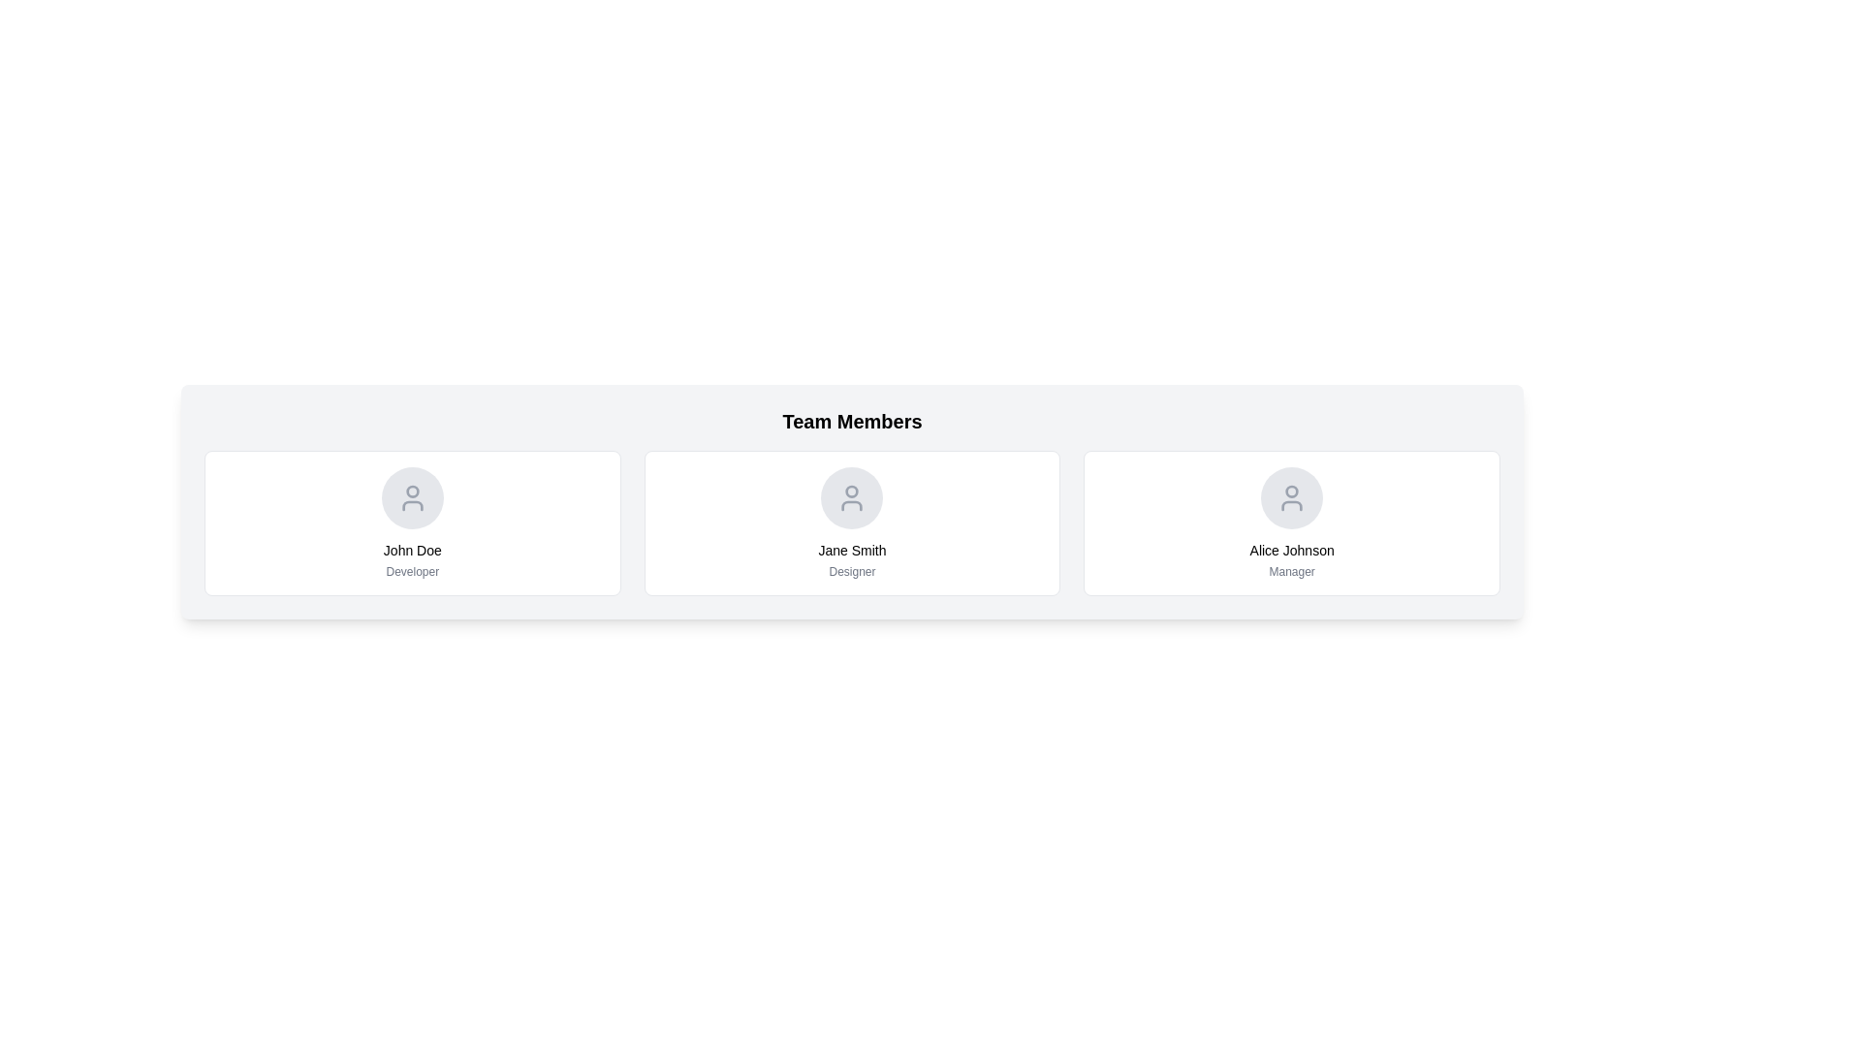 This screenshot has height=1047, width=1861. What do you see at coordinates (411, 571) in the screenshot?
I see `the second text component providing additional information about the role of 'John Doe' in the organizational chart, located directly below the name` at bounding box center [411, 571].